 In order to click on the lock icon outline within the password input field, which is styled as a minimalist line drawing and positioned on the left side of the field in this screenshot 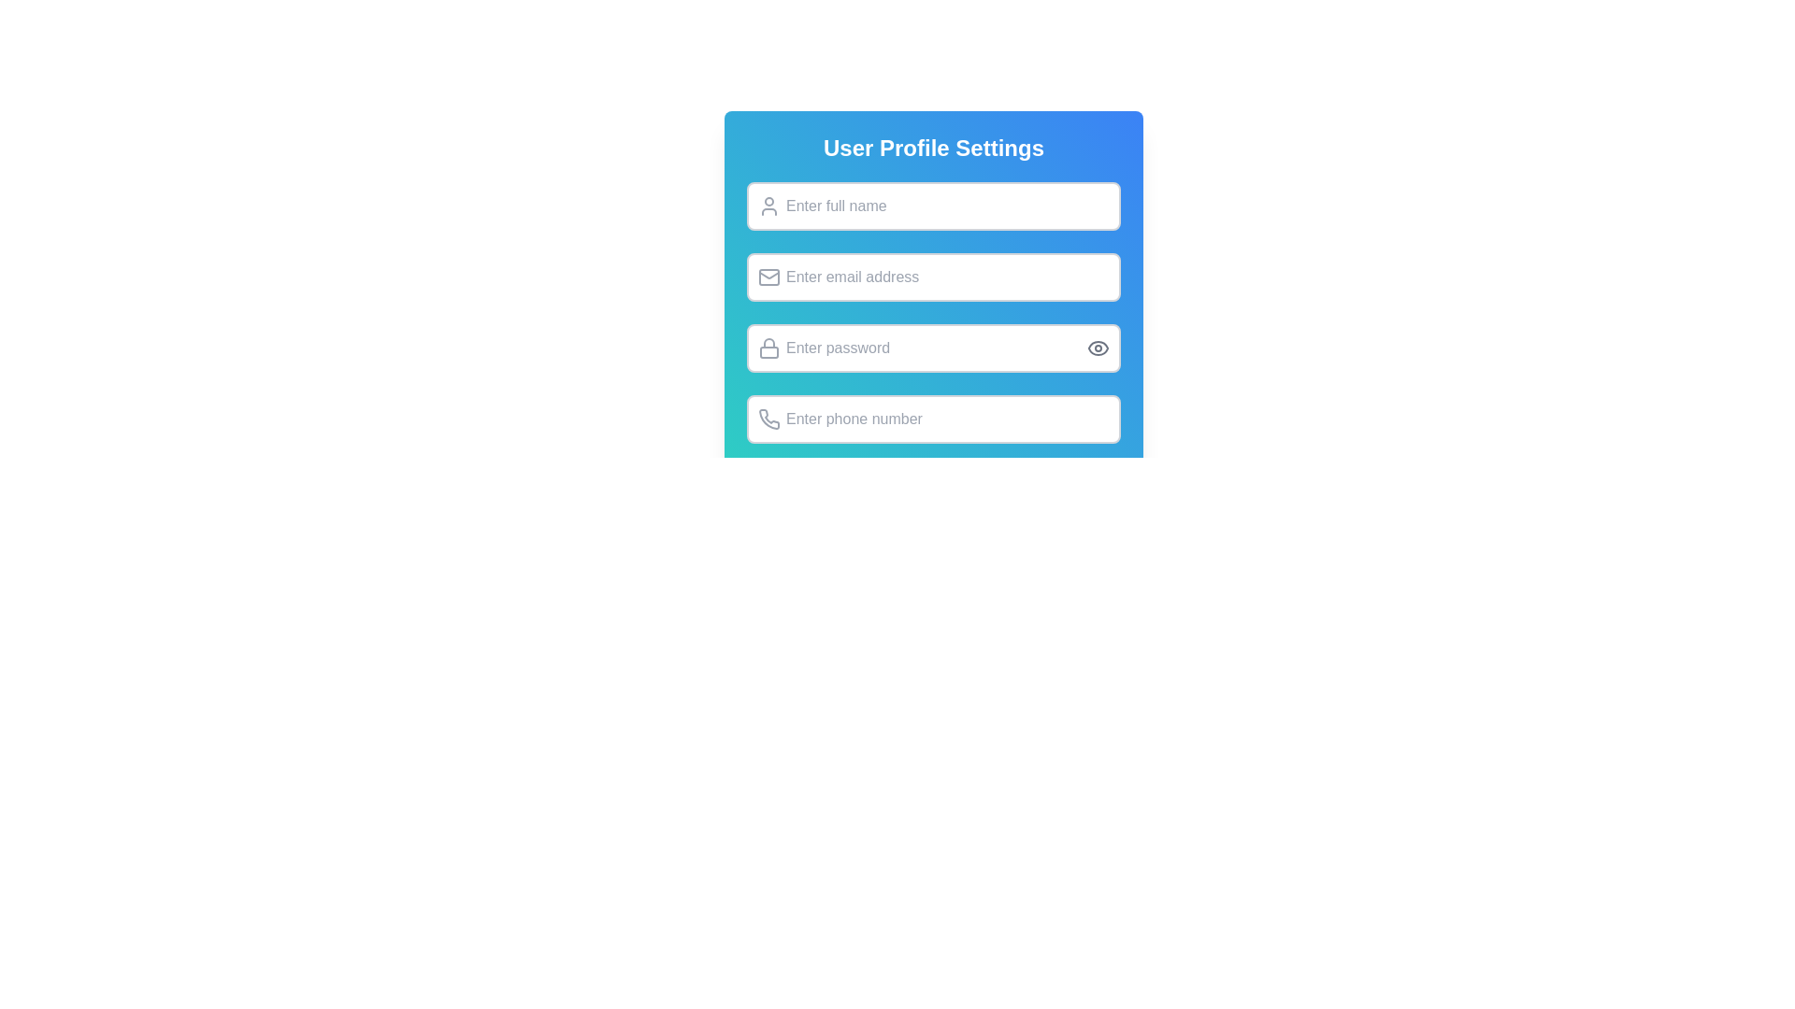, I will do `click(768, 343)`.